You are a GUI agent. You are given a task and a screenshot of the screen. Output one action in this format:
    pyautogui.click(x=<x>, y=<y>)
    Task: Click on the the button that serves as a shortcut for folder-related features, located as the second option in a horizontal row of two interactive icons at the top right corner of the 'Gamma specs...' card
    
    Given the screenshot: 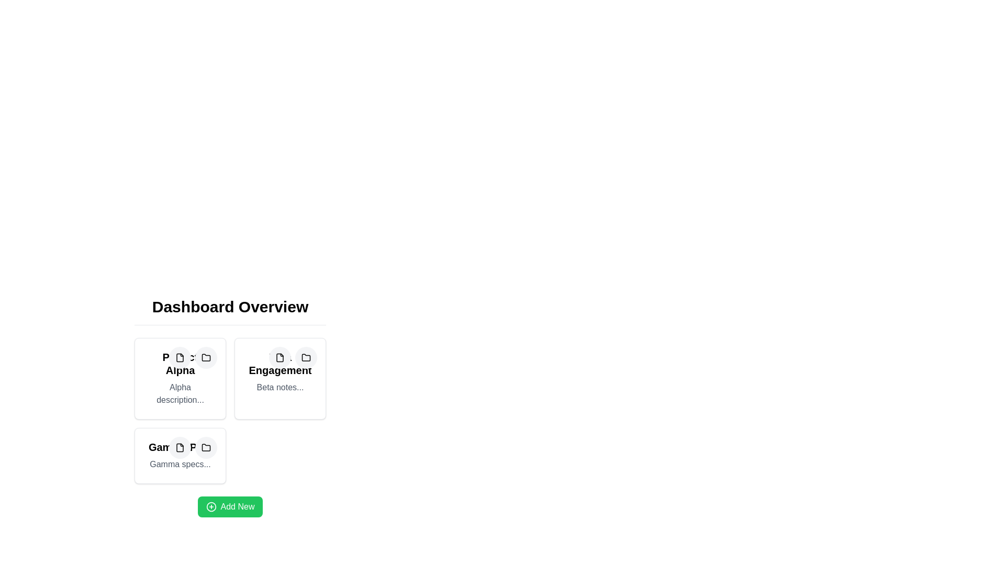 What is the action you would take?
    pyautogui.click(x=206, y=447)
    